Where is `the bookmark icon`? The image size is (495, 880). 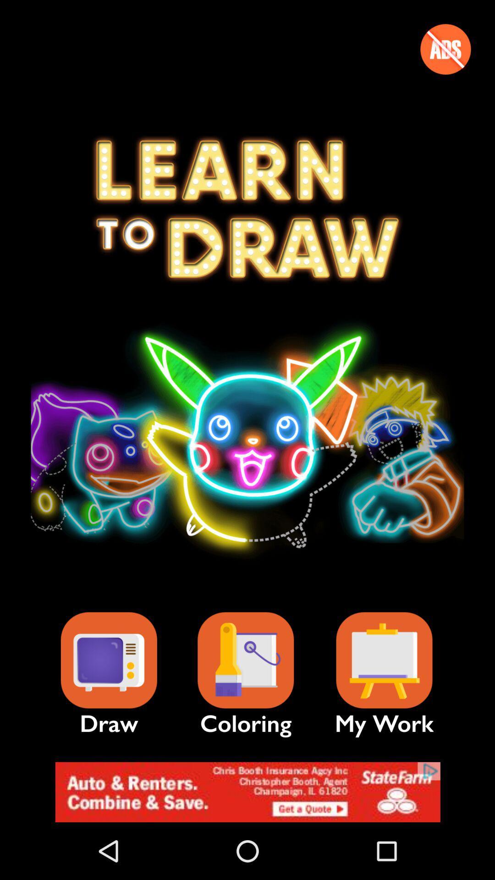
the bookmark icon is located at coordinates (384, 660).